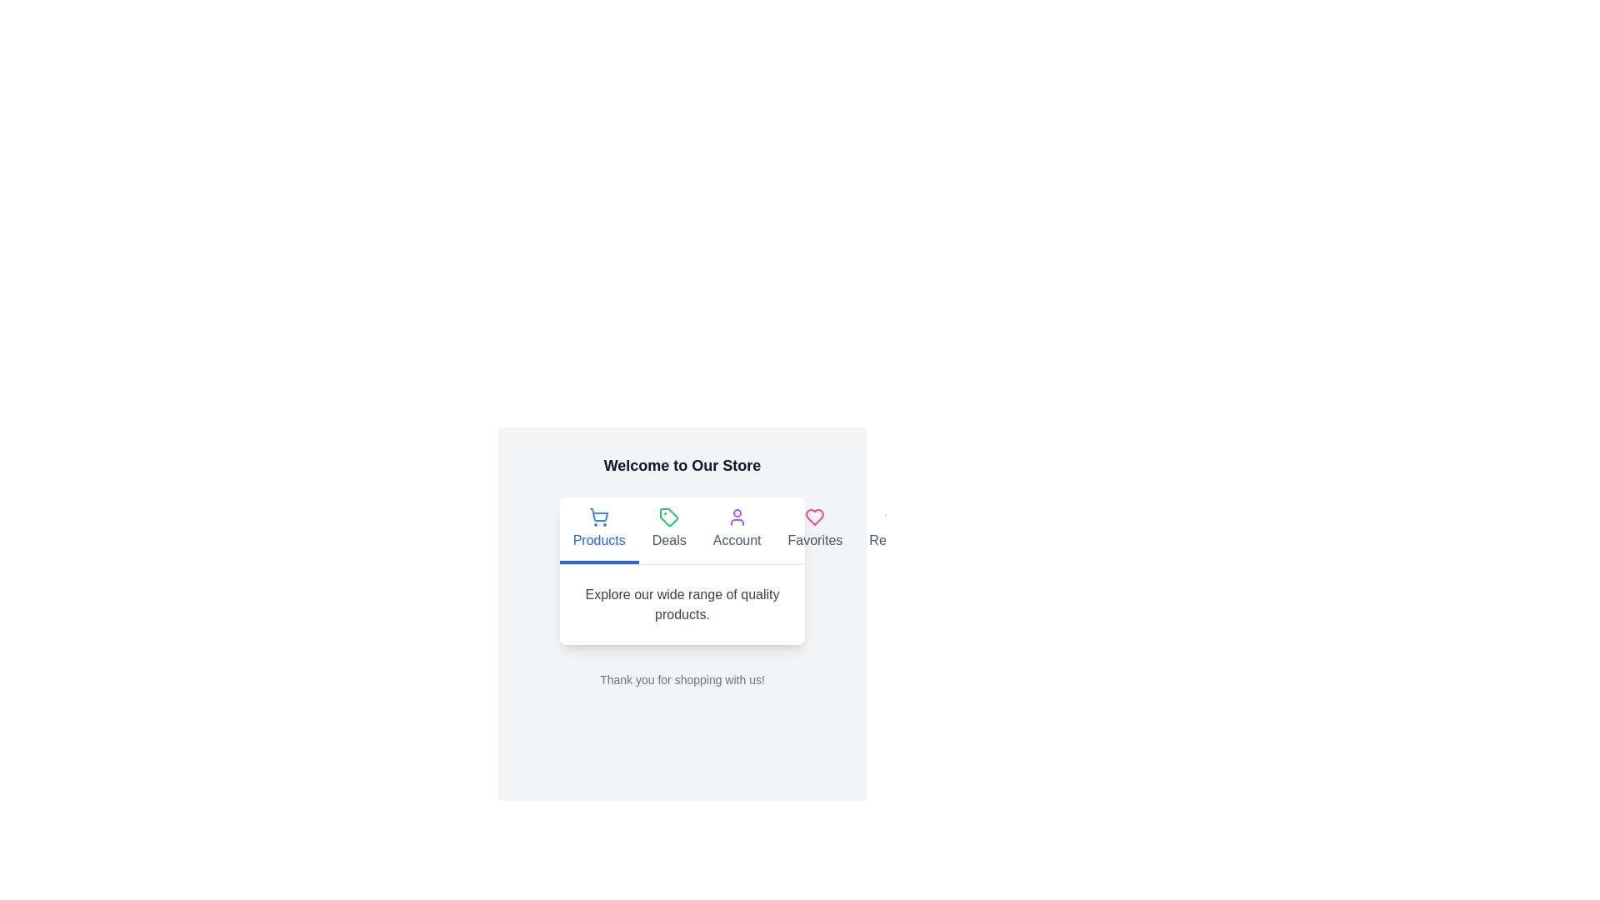  I want to click on the 'Deals' navigation tab button, which is the second element in the horizontal menu bar, positioned between 'Products' and 'Account', so click(669, 530).